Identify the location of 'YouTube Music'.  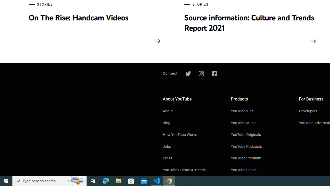
(260, 123).